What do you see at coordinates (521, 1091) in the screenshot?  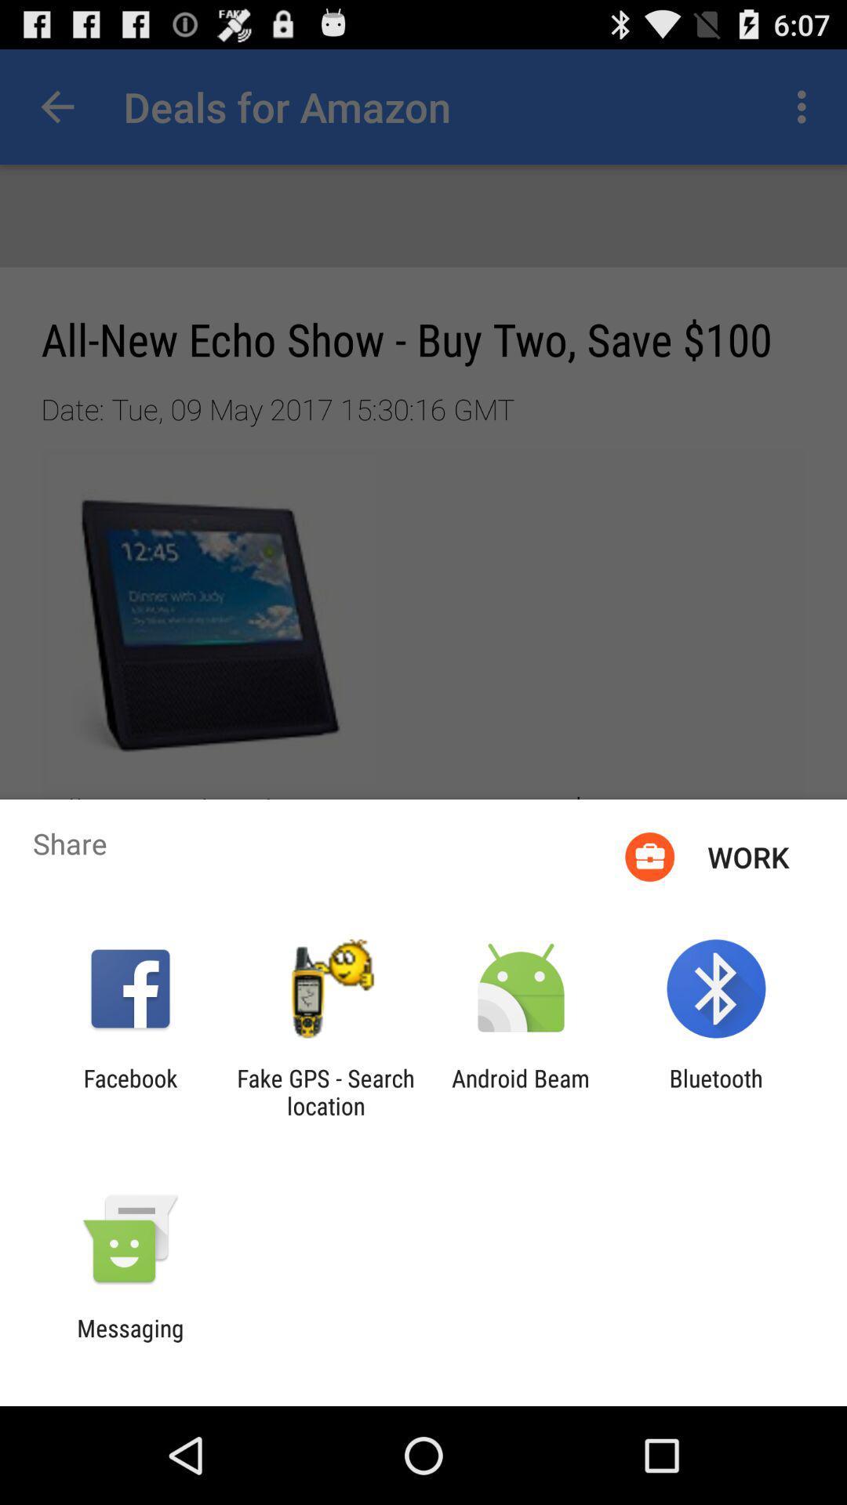 I see `the android beam app` at bounding box center [521, 1091].